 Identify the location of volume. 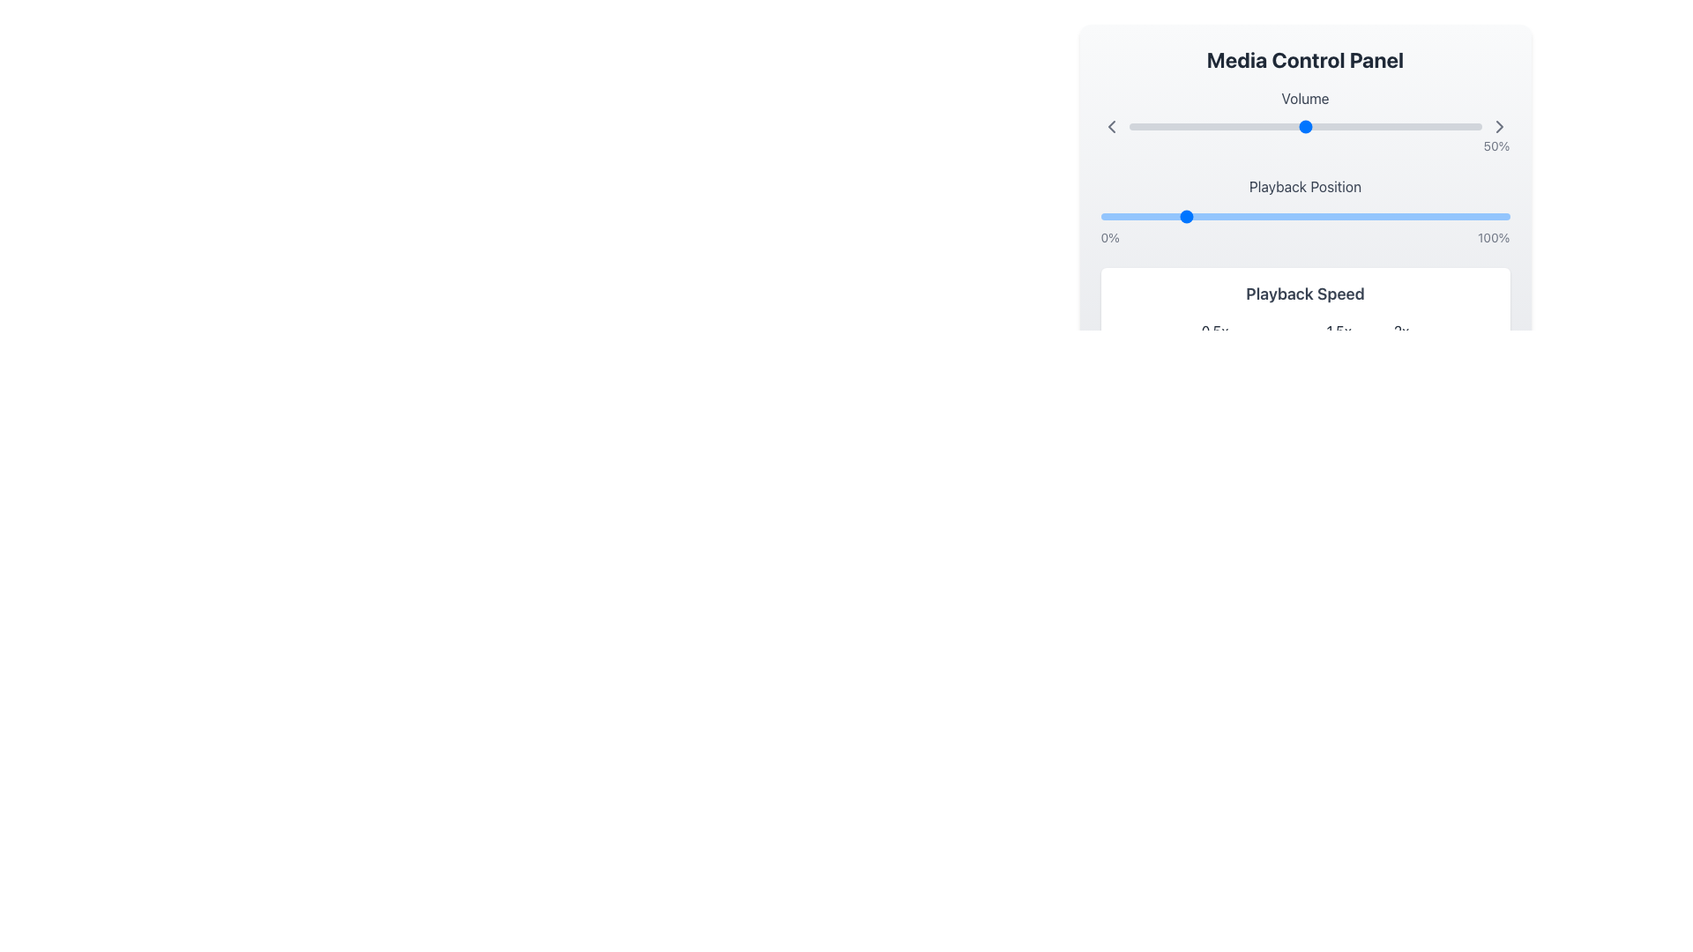
(1301, 125).